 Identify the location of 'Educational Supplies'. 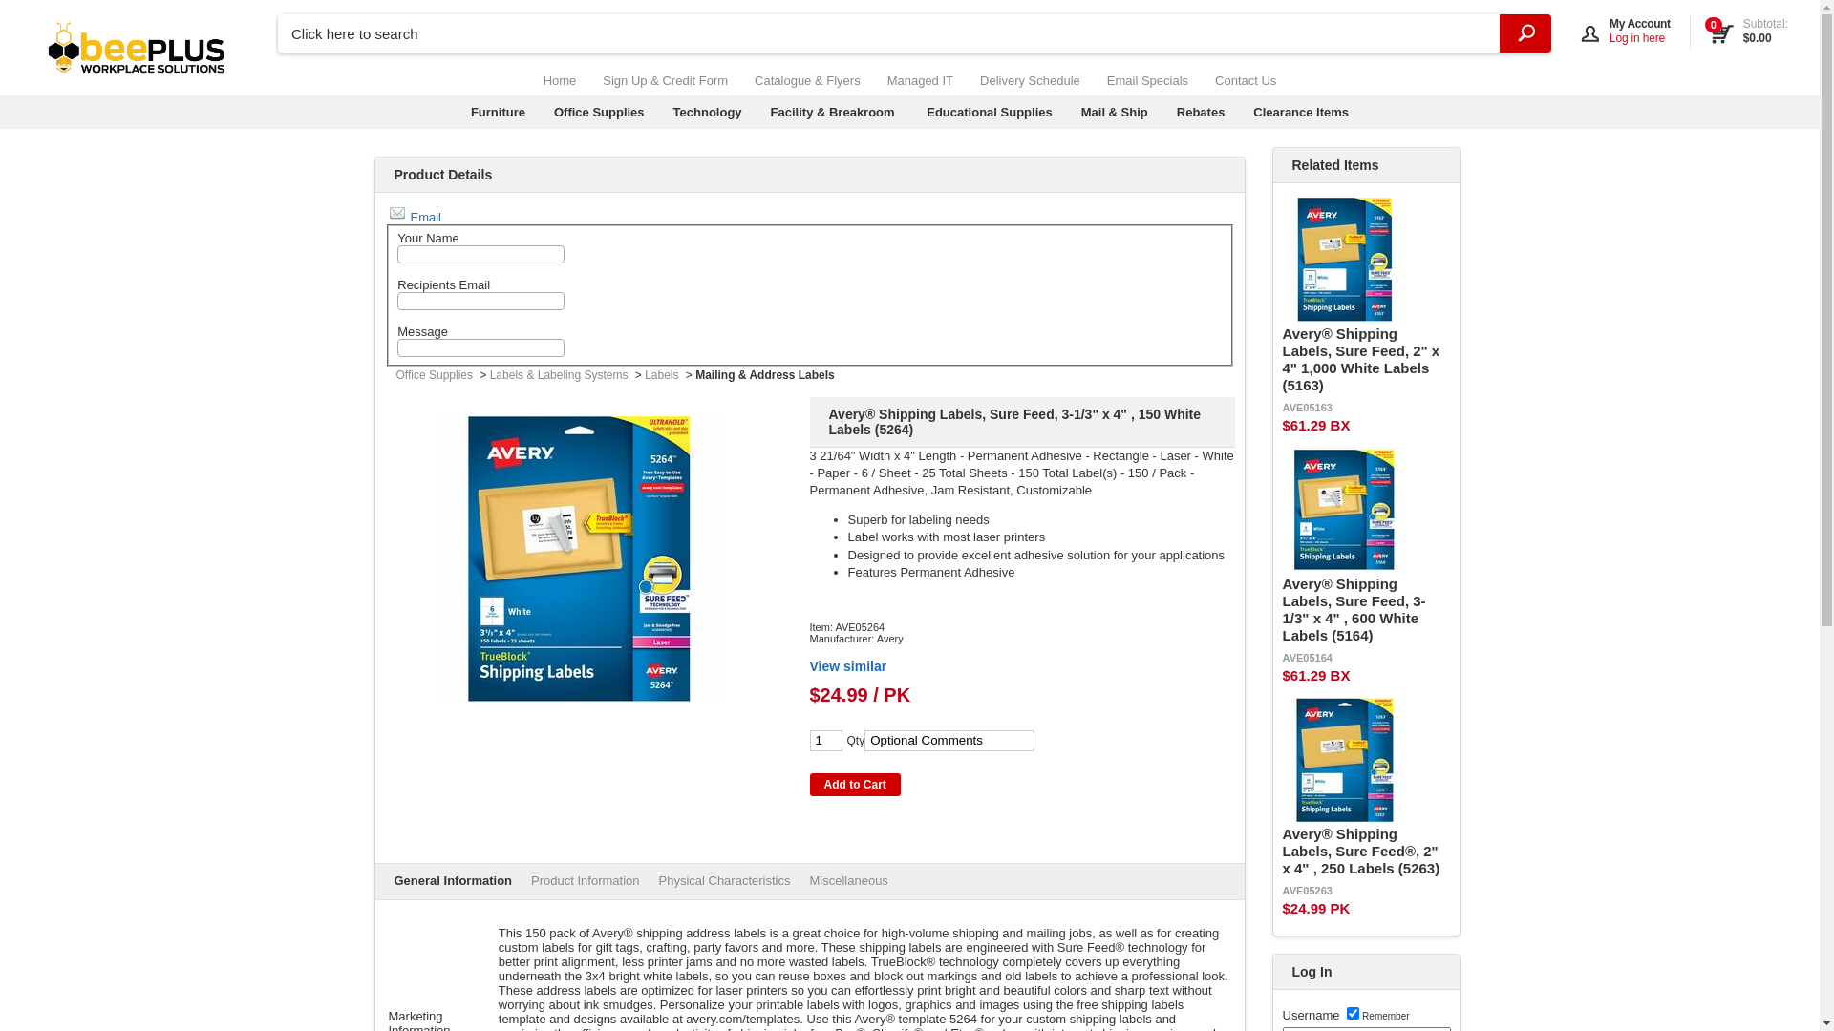
(911, 112).